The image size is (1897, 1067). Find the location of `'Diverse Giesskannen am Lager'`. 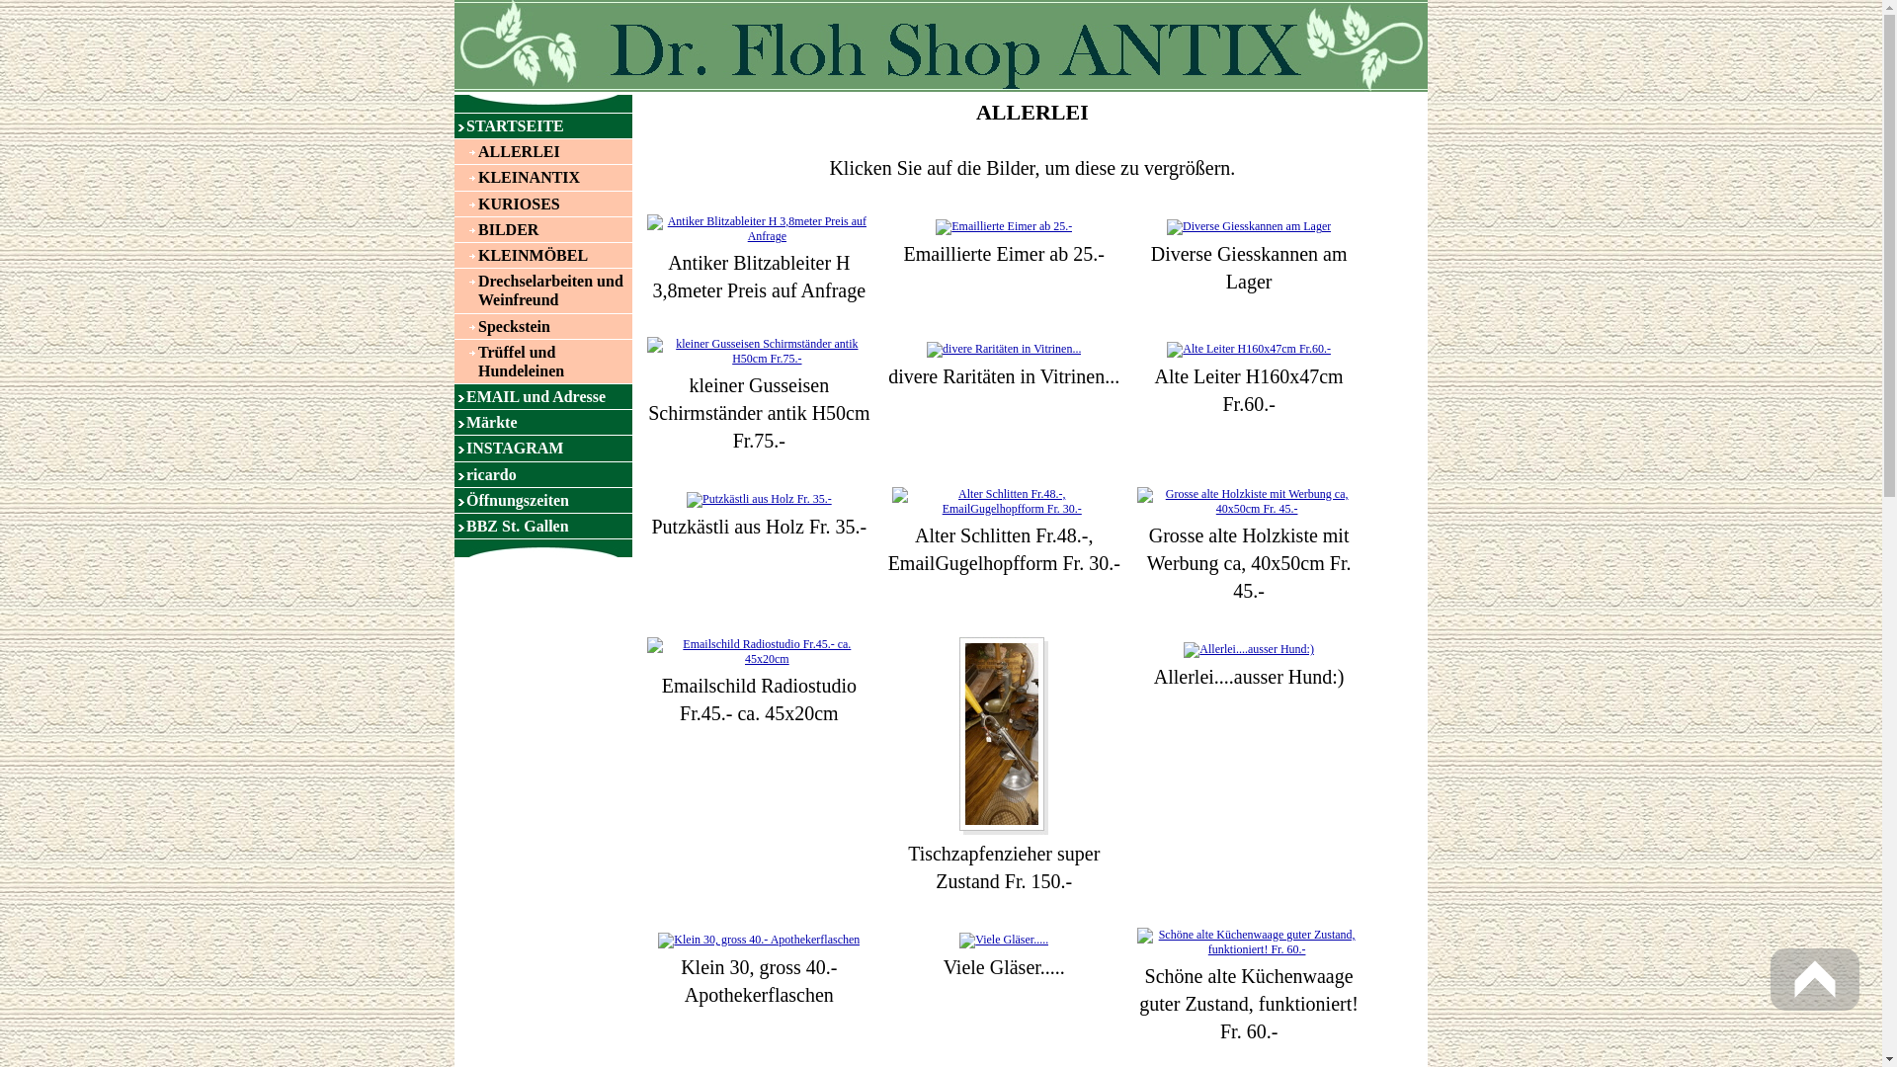

'Diverse Giesskannen am Lager' is located at coordinates (1247, 224).